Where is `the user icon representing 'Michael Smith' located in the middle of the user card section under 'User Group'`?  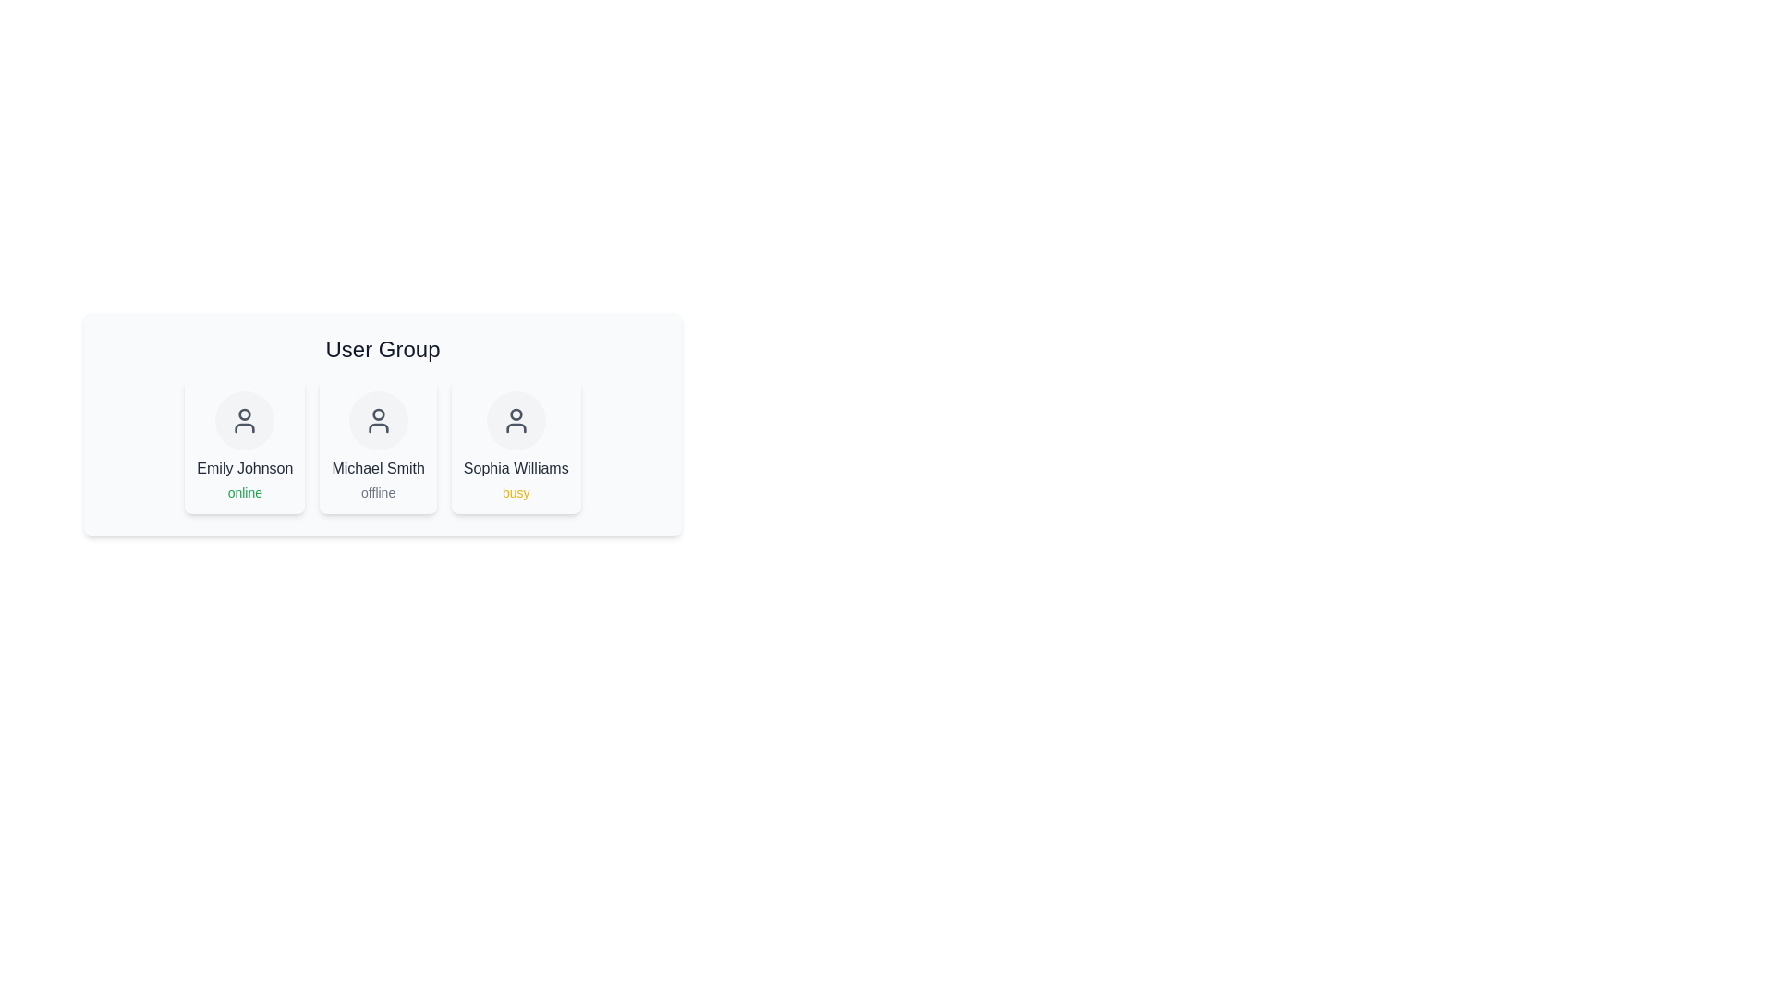 the user icon representing 'Michael Smith' located in the middle of the user card section under 'User Group' is located at coordinates (377, 420).